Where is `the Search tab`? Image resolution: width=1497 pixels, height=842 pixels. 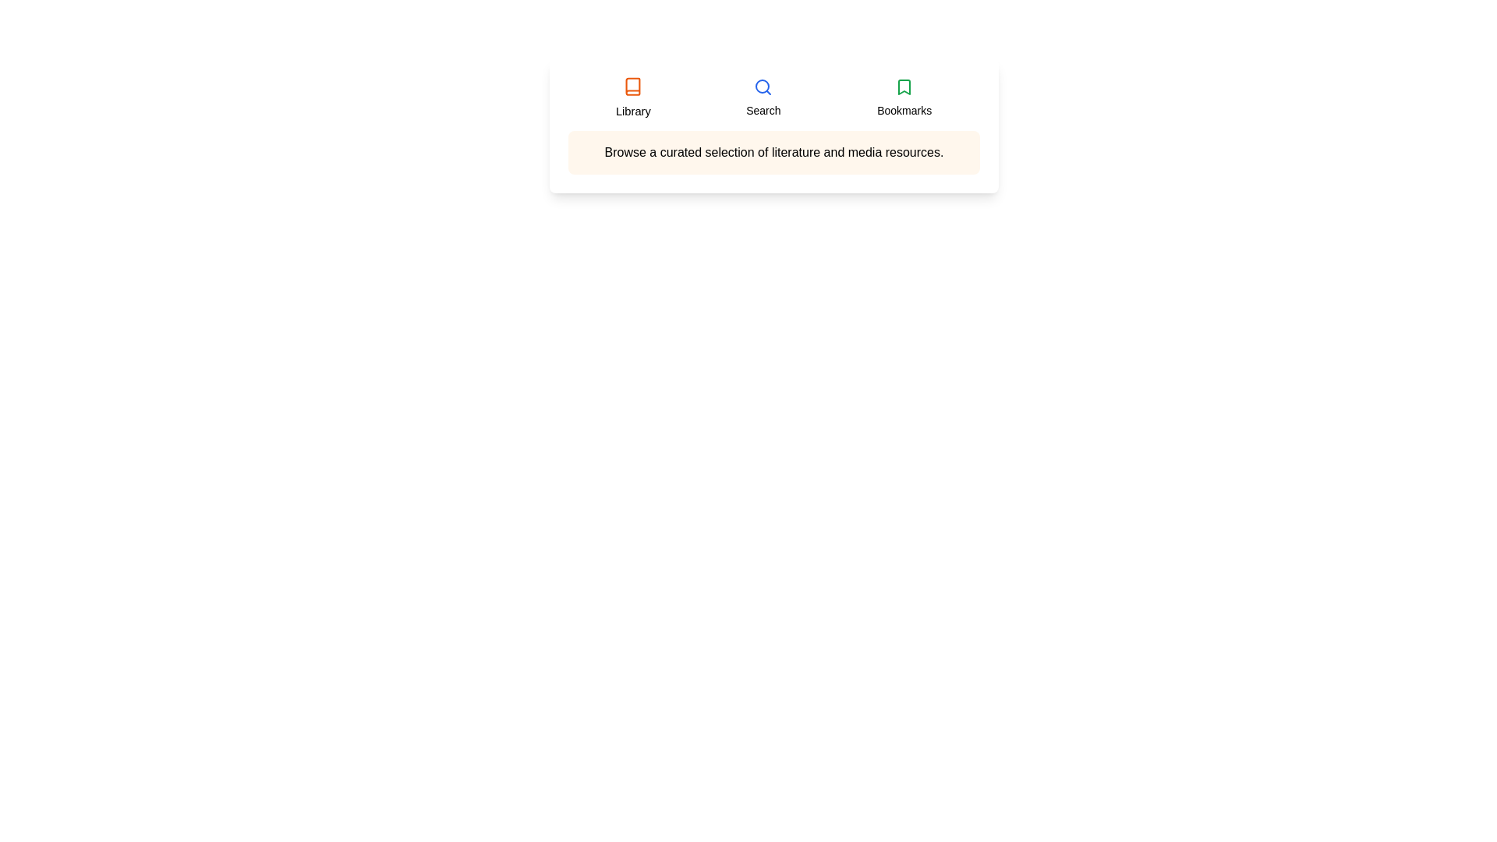 the Search tab is located at coordinates (763, 98).